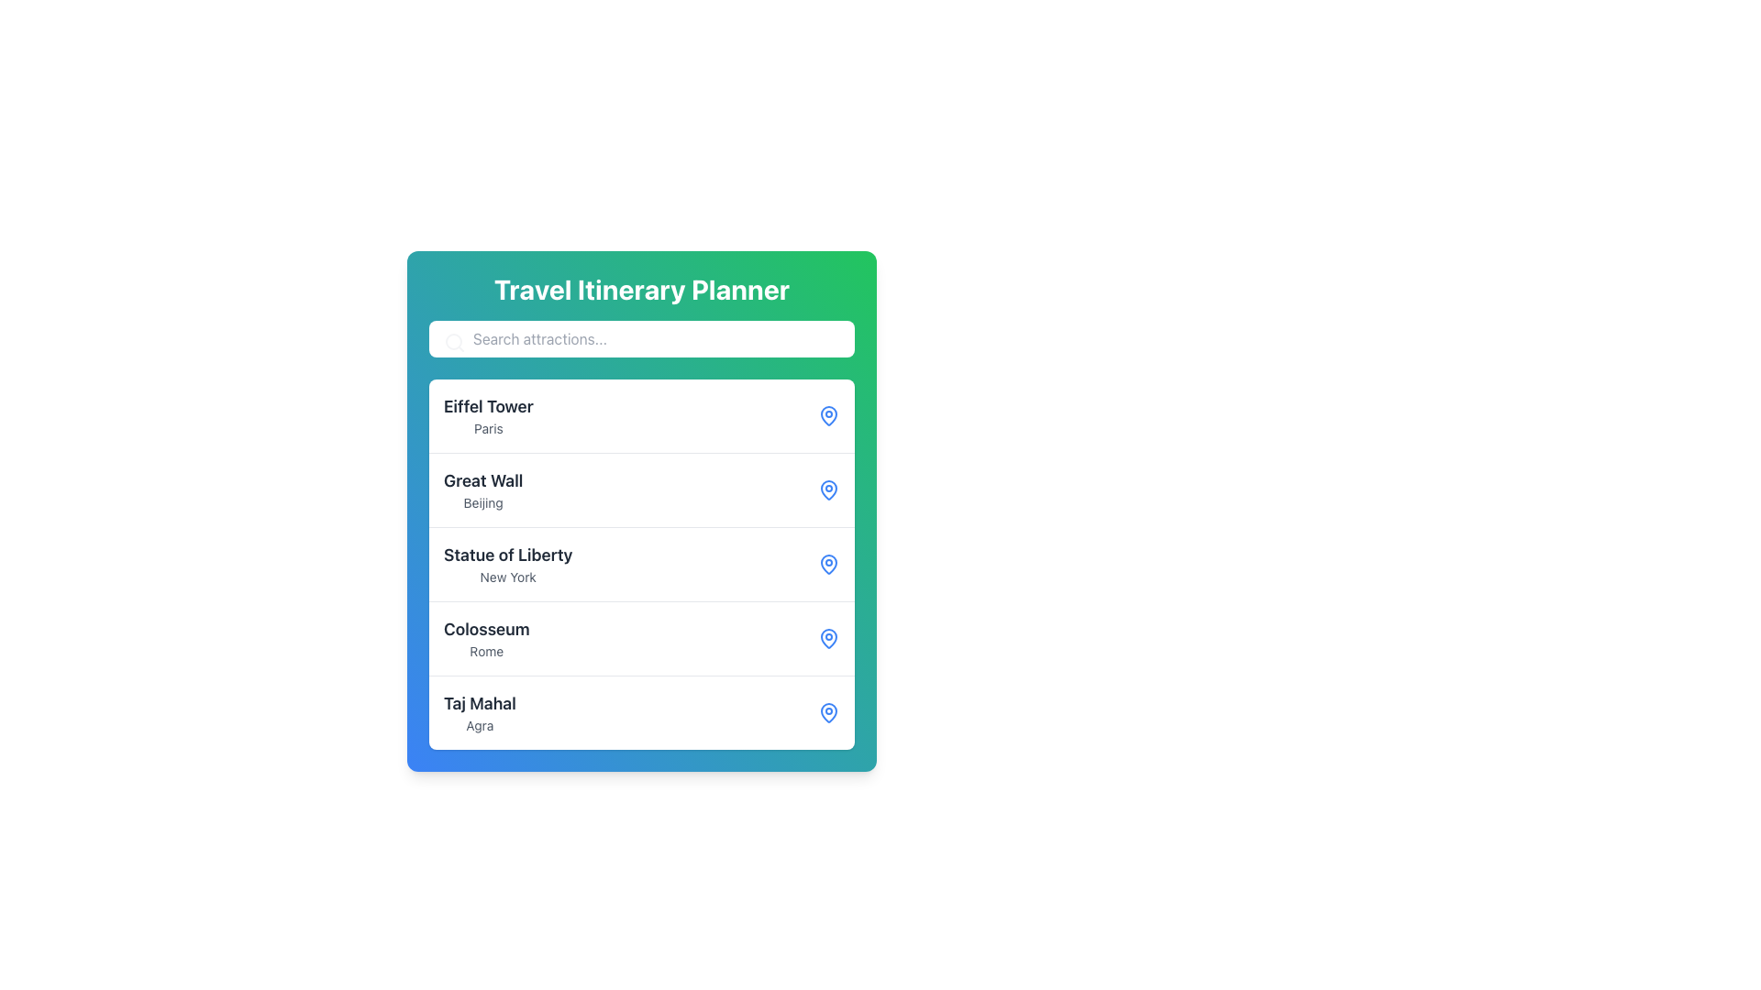 Image resolution: width=1761 pixels, height=990 pixels. I want to click on text label for the attraction 'Eiffel Tower', which is the primary label located at the top of the first listed entry in a vertical list of attractions, so click(488, 405).